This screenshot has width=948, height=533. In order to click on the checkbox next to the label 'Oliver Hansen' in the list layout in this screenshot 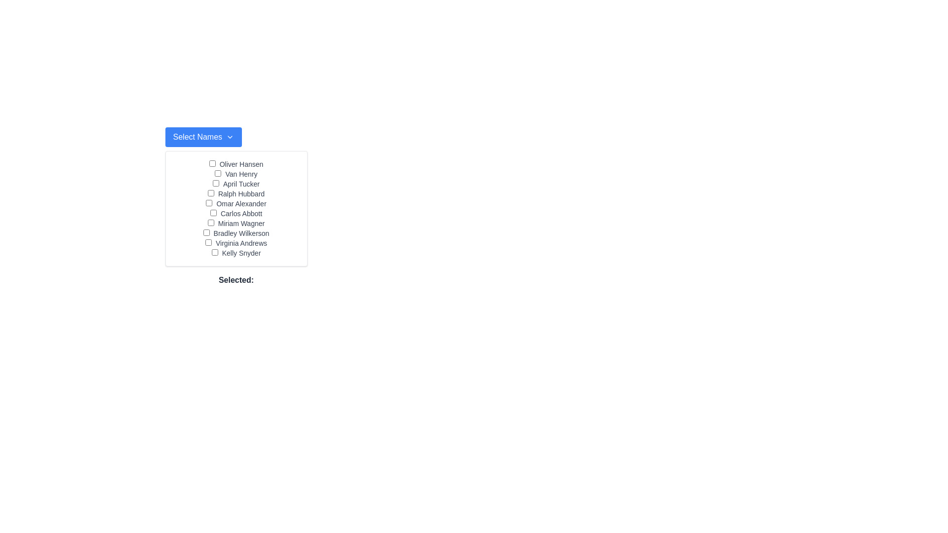, I will do `click(236, 163)`.